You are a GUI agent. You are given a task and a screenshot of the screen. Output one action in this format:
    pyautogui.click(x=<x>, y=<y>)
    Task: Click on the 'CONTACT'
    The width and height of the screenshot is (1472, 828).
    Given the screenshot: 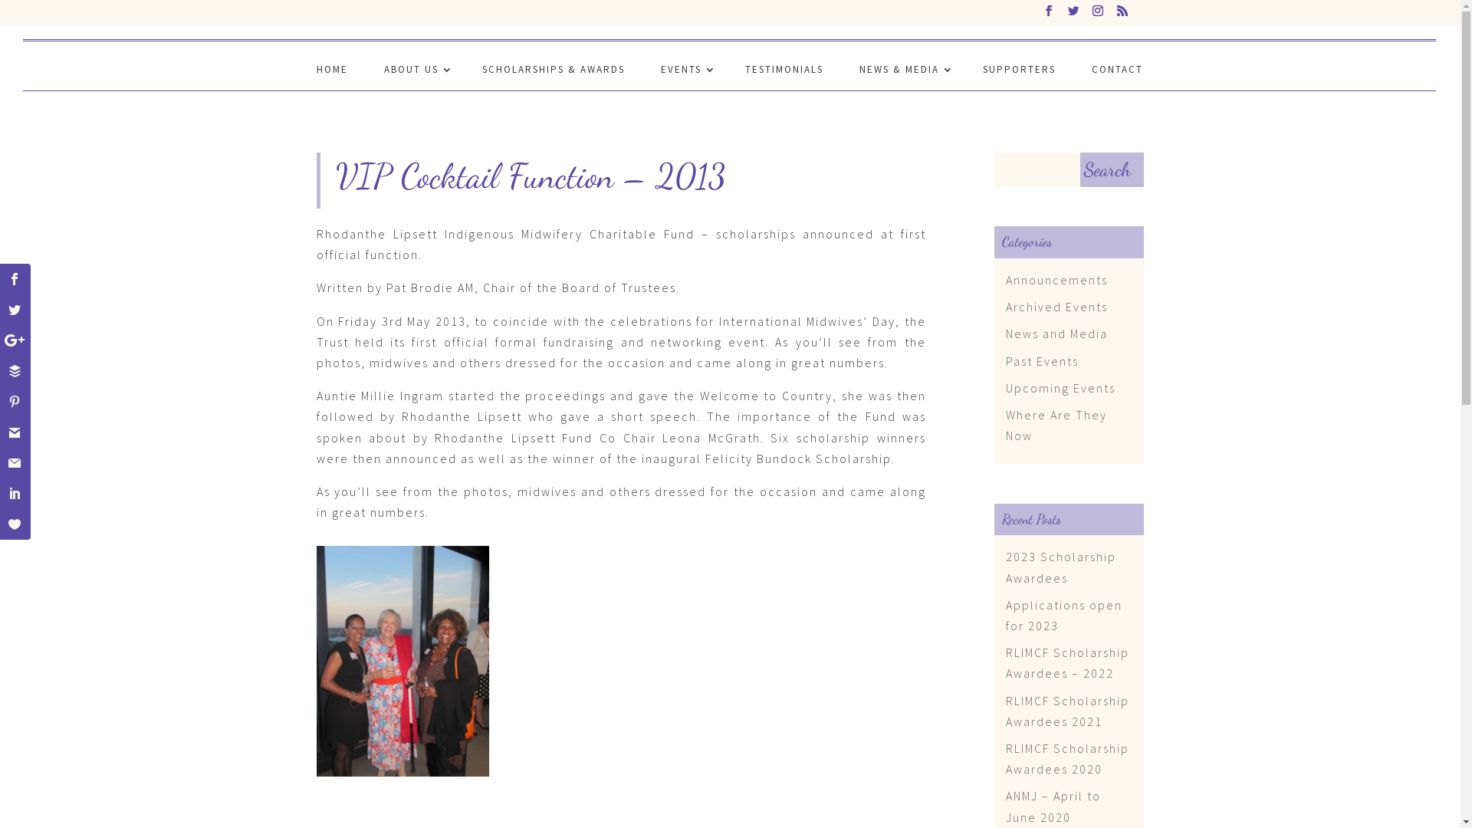 What is the action you would take?
    pyautogui.click(x=1083, y=77)
    